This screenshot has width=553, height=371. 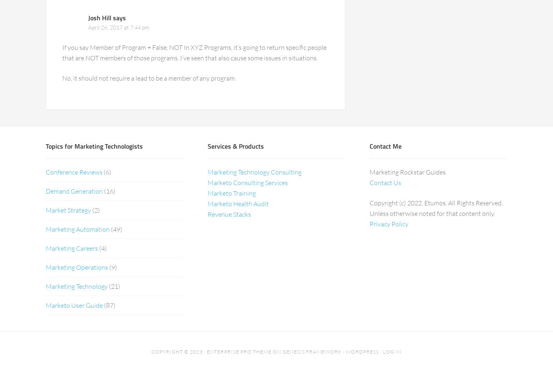 What do you see at coordinates (362, 351) in the screenshot?
I see `'WordPress'` at bounding box center [362, 351].